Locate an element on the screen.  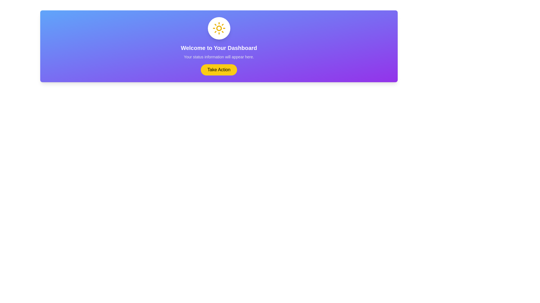
the informational text block containing the header 'Welcome to Your Dashboard' is located at coordinates (219, 52).